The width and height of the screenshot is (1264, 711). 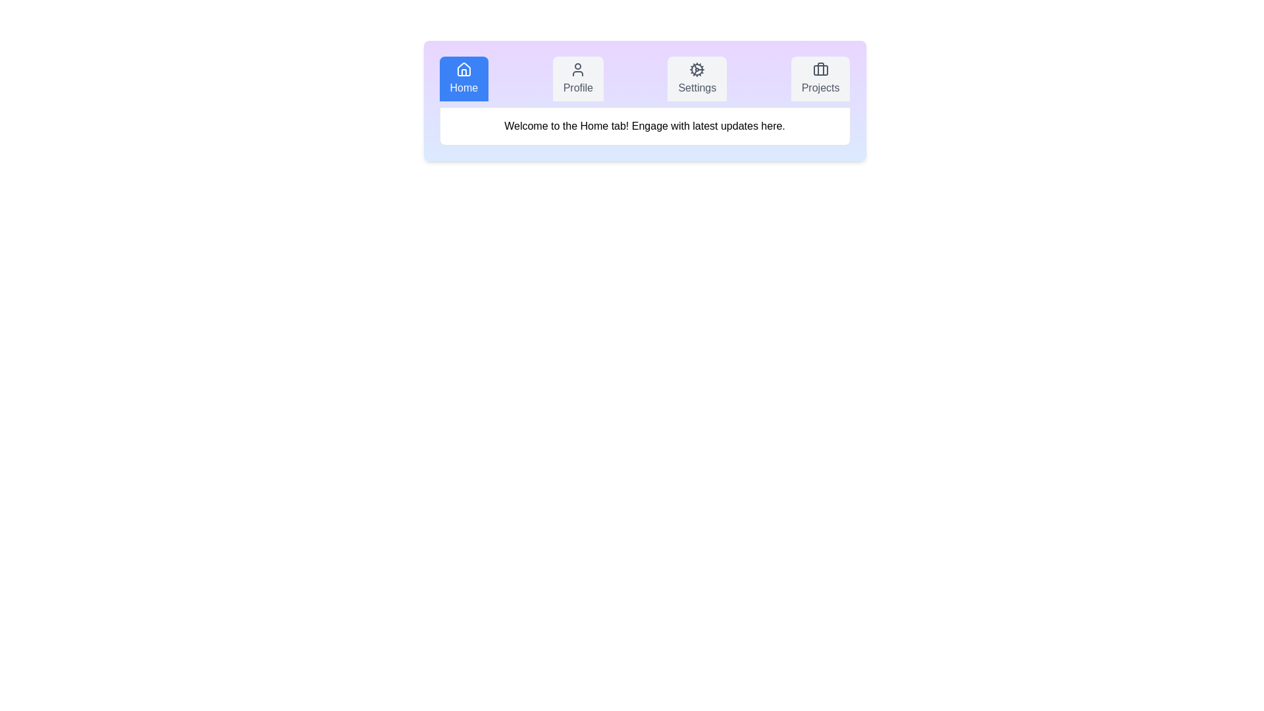 I want to click on the 'Home' icon located at the top-left corner of the navigation bar, so click(x=463, y=69).